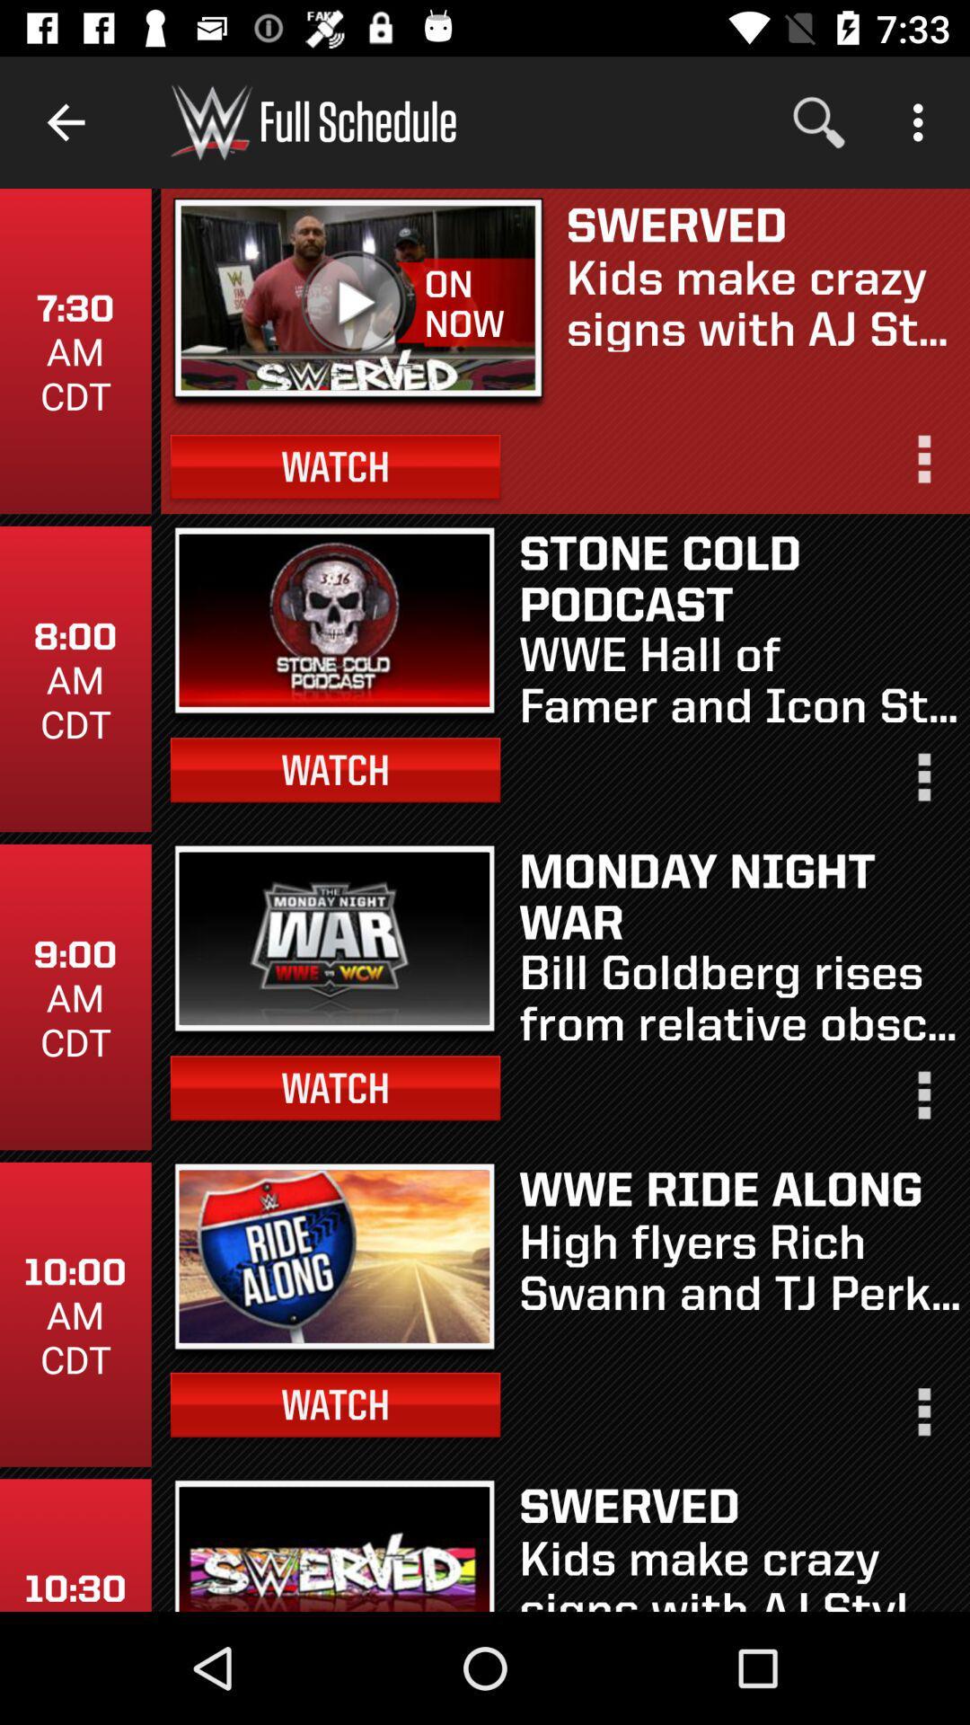 This screenshot has width=970, height=1725. I want to click on item above the bill goldberg rises icon, so click(739, 895).